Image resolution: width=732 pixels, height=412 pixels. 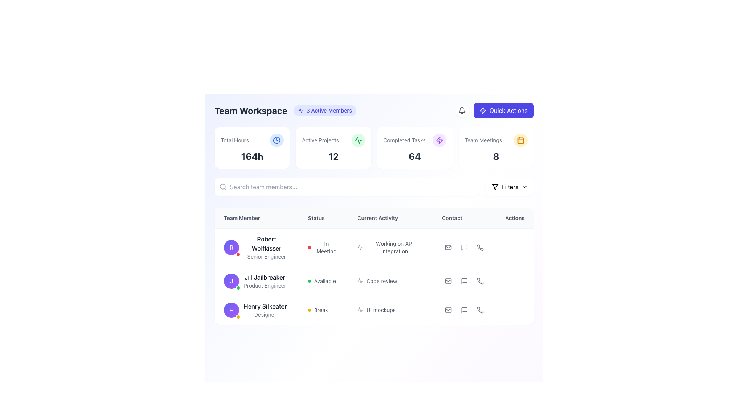 I want to click on the Text Label that provides a descriptor for team meetings, positioned above the main workspace area and to the left of a rounded amber icon with a calendar symbol, so click(x=483, y=140).